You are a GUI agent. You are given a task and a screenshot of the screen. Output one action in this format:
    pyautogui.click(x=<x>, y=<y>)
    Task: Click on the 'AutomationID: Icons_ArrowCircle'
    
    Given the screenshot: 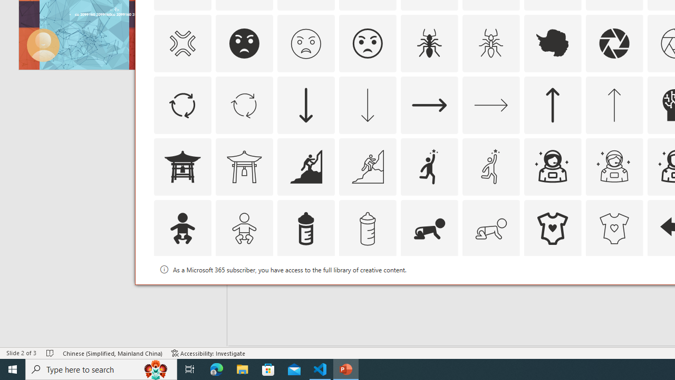 What is the action you would take?
    pyautogui.click(x=182, y=104)
    